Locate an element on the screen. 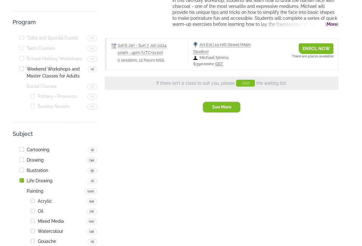  '(9)' is located at coordinates (92, 170).